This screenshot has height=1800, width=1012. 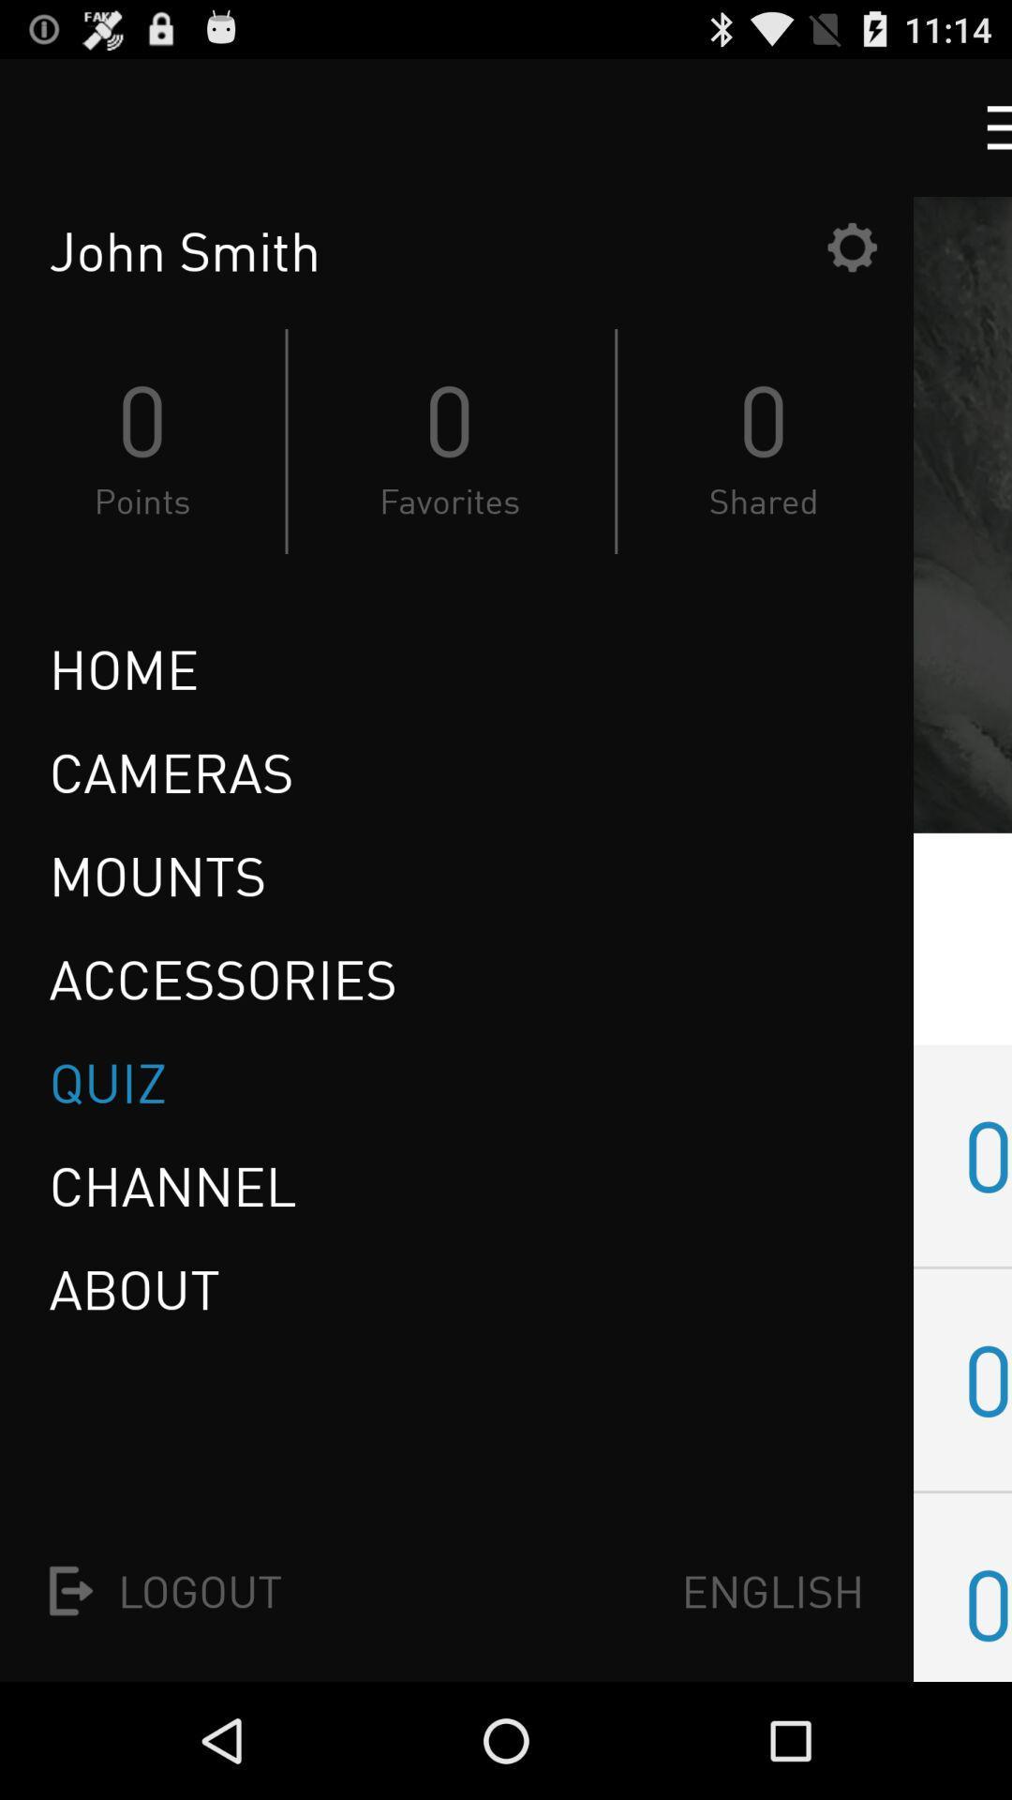 What do you see at coordinates (986, 1602) in the screenshot?
I see `the icon below the 02 icon` at bounding box center [986, 1602].